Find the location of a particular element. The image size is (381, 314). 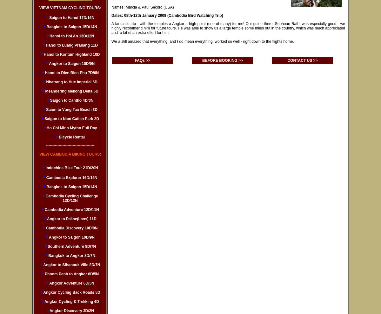

'BEFORE BOOKING >>' is located at coordinates (222, 60).